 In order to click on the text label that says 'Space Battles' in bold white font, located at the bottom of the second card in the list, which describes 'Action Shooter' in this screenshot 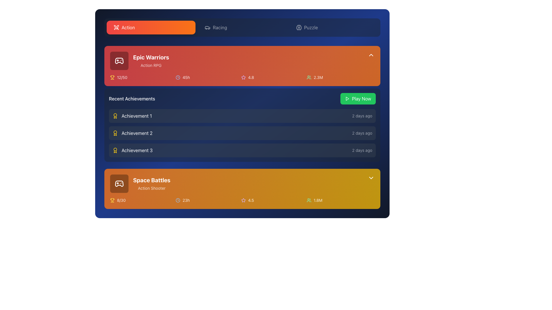, I will do `click(152, 184)`.